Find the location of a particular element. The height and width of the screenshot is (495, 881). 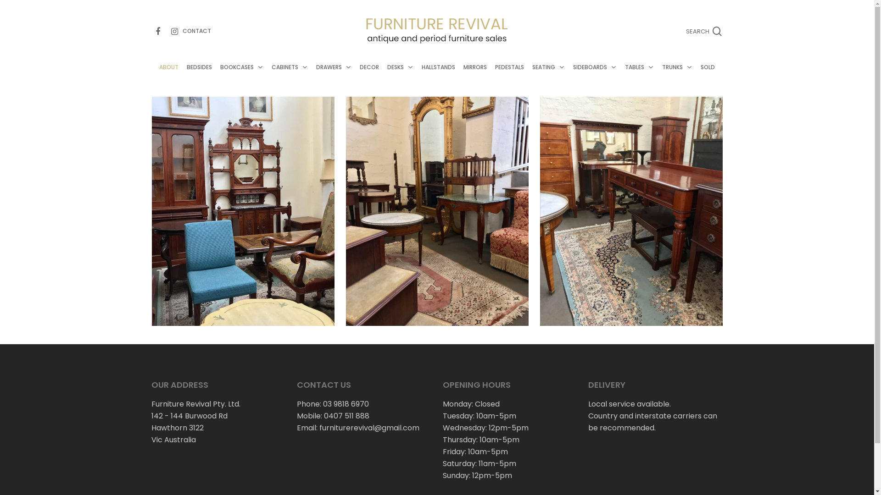

'03 9818 6970' is located at coordinates (345, 403).